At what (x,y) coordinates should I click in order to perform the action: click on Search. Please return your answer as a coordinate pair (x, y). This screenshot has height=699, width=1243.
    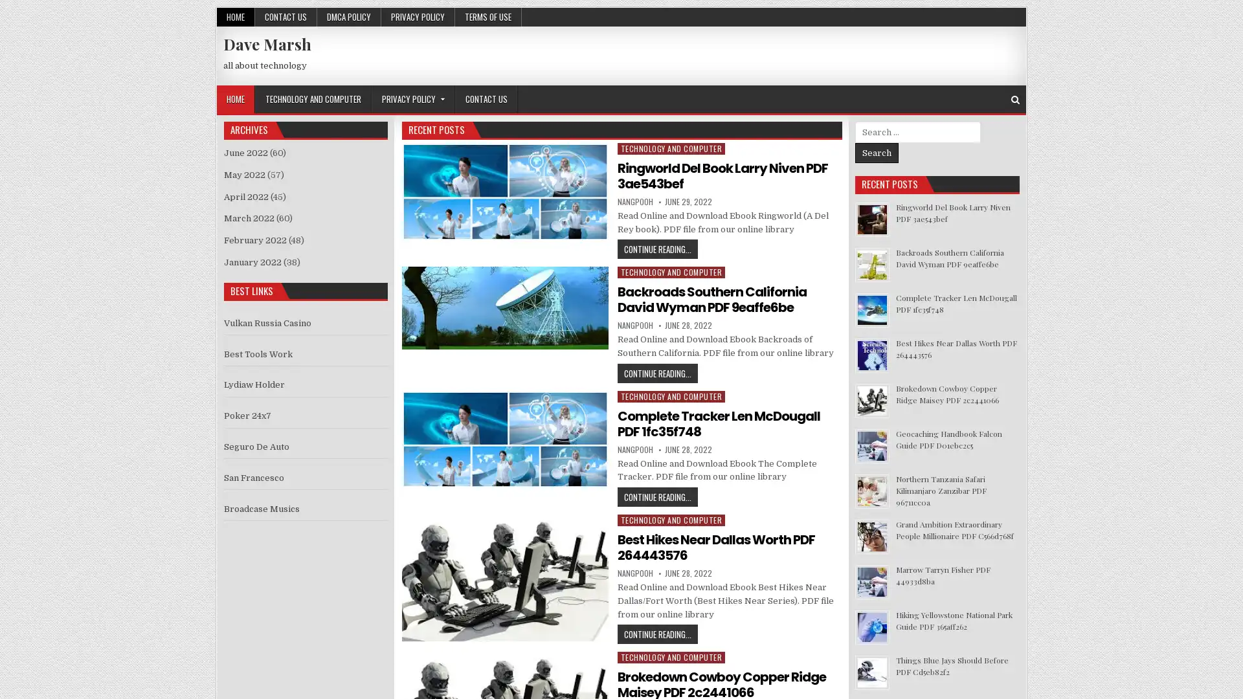
    Looking at the image, I should click on (877, 152).